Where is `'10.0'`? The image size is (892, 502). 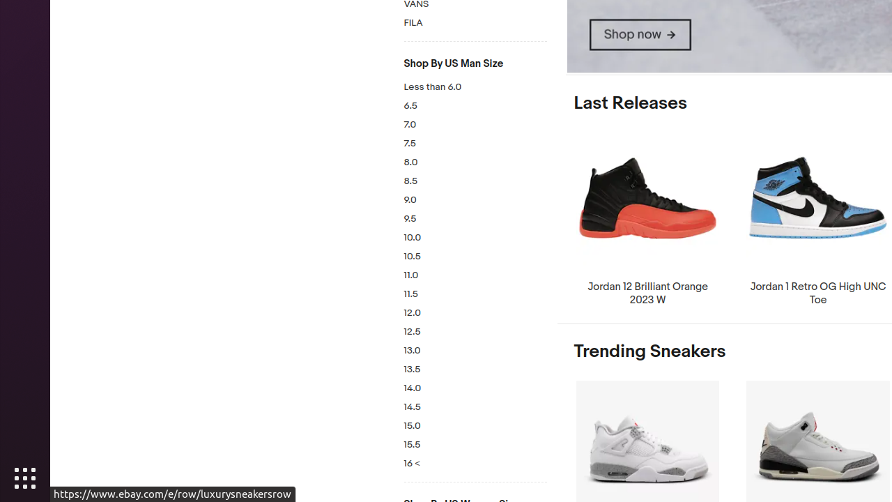
'10.0' is located at coordinates (475, 237).